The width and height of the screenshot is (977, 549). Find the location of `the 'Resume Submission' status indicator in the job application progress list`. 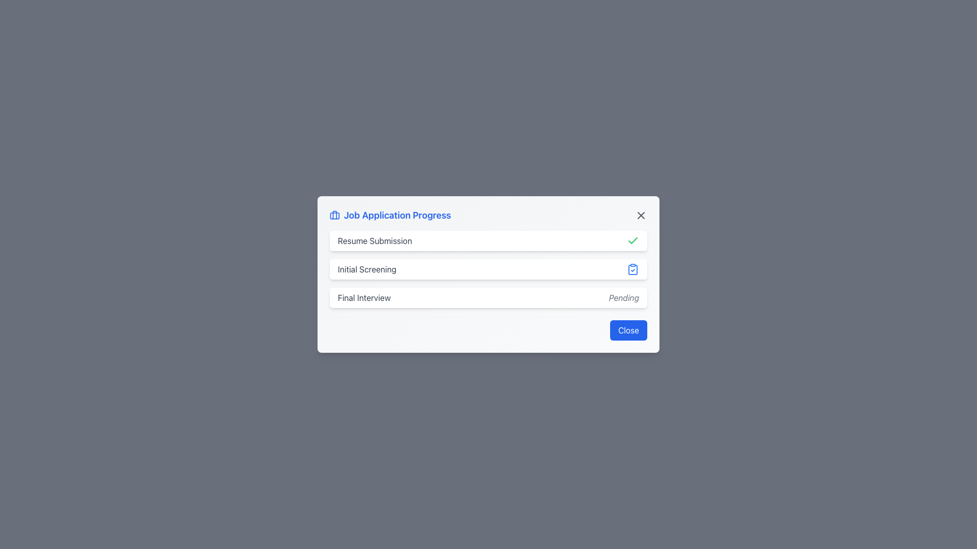

the 'Resume Submission' status indicator in the job application progress list is located at coordinates (489, 241).